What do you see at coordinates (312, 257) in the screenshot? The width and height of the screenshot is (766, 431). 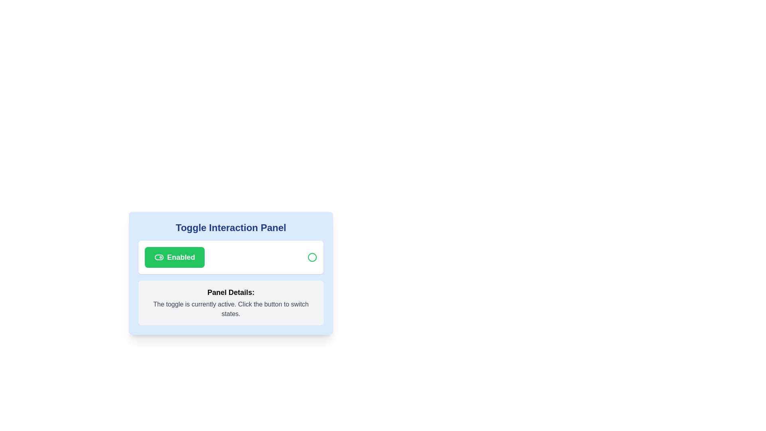 I see `the circular graphical status indicator with a green stroke and white fill, located in the middle-right side of the 'Toggle Interaction Panel'` at bounding box center [312, 257].